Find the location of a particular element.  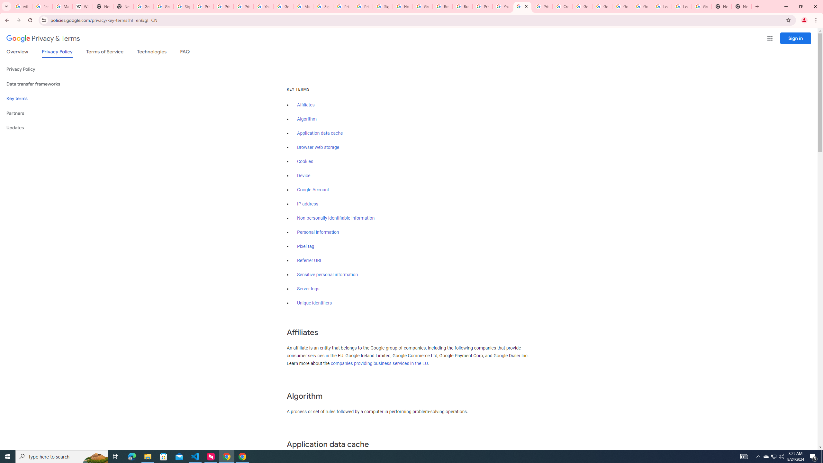

'Referrer URL' is located at coordinates (309, 260).